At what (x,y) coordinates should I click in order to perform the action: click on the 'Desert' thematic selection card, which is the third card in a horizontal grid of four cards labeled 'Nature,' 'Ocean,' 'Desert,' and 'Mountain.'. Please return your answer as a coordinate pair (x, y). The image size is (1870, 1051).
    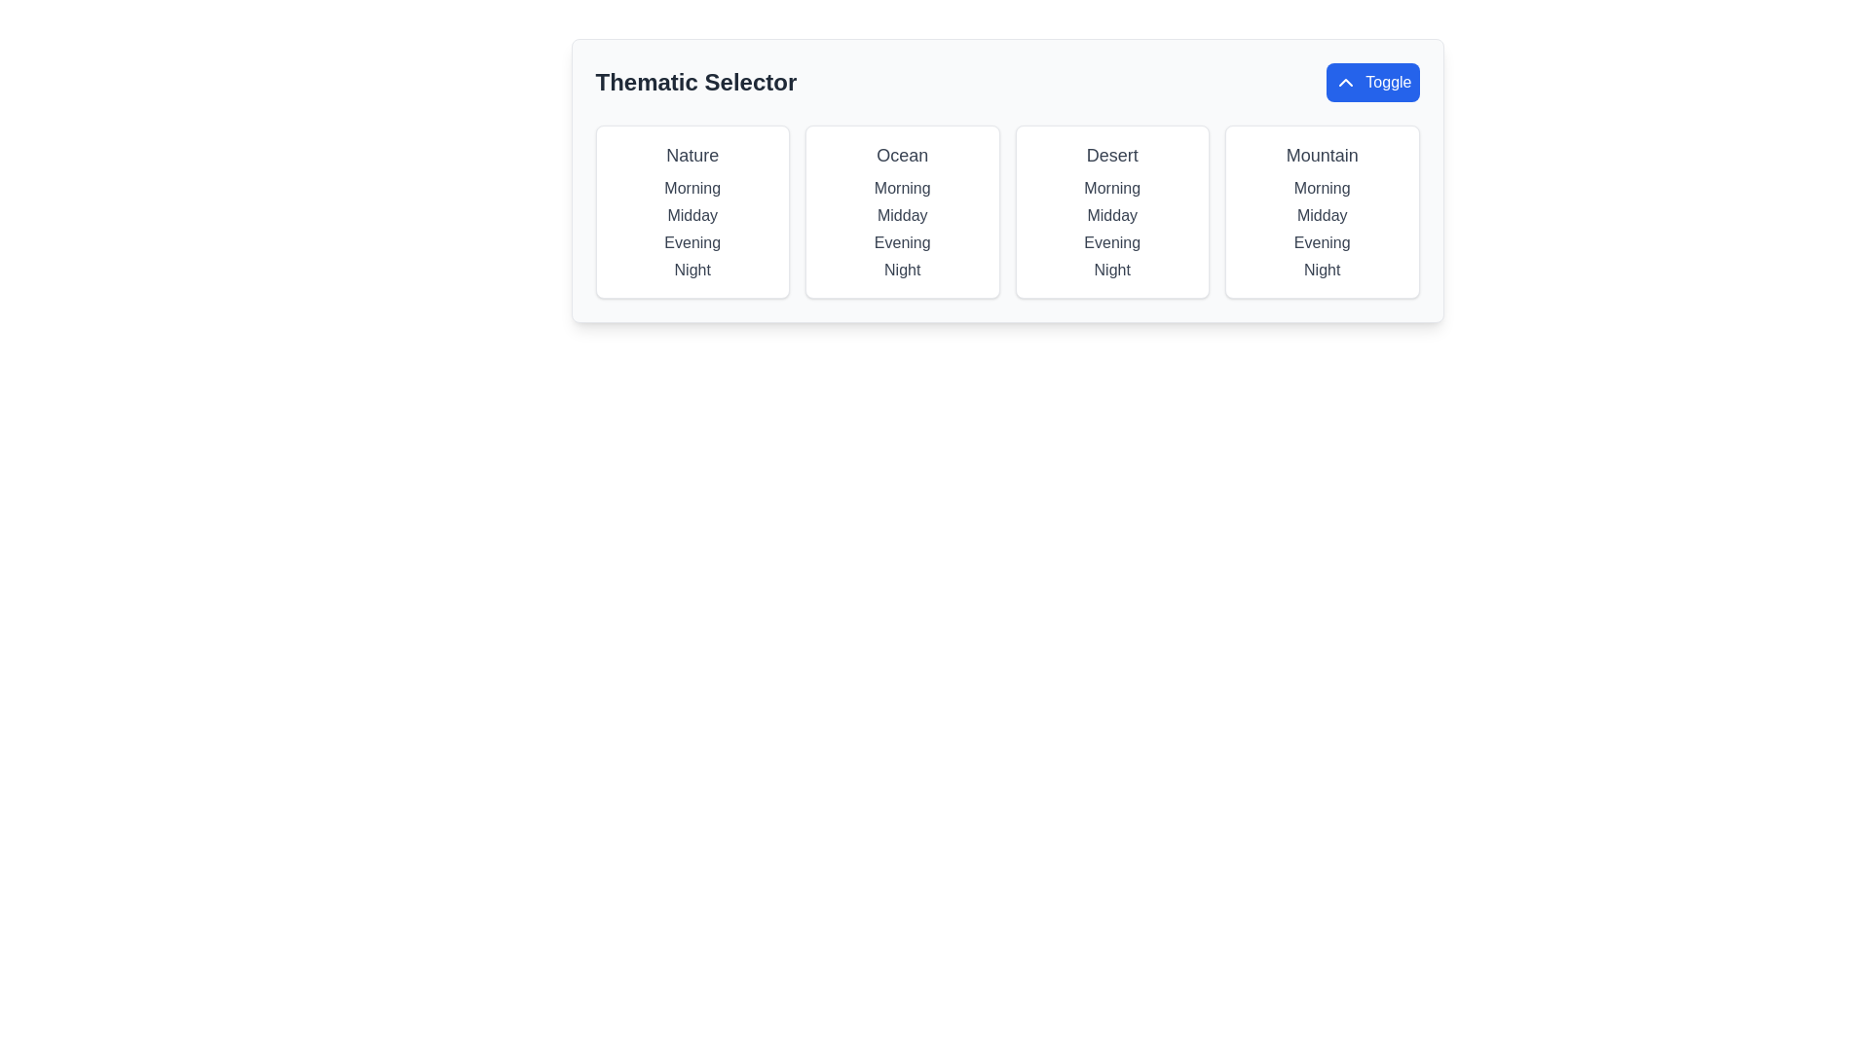
    Looking at the image, I should click on (1112, 212).